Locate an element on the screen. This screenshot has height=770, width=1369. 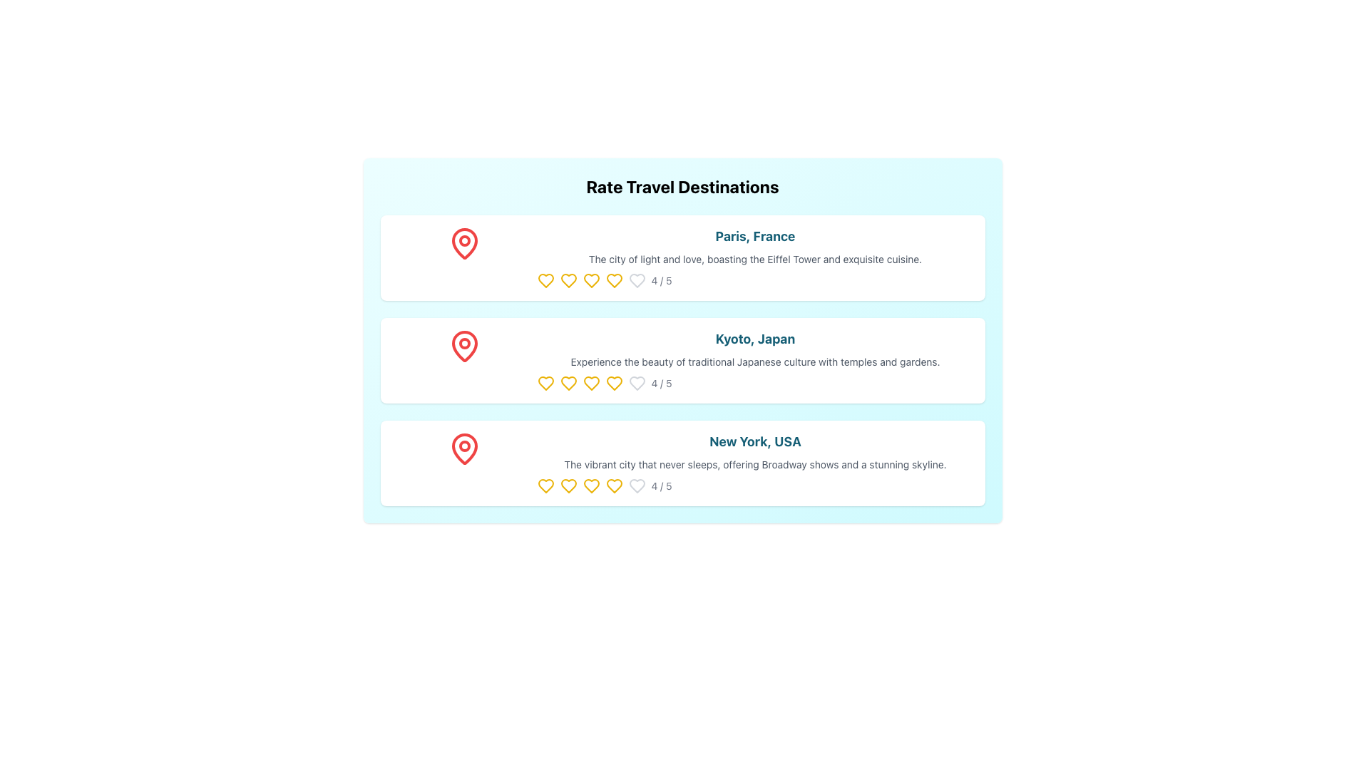
the red map pin icon that symbolizes a location marker, located to the left of the destination title 'Kyoto, Japan' is located at coordinates (464, 346).